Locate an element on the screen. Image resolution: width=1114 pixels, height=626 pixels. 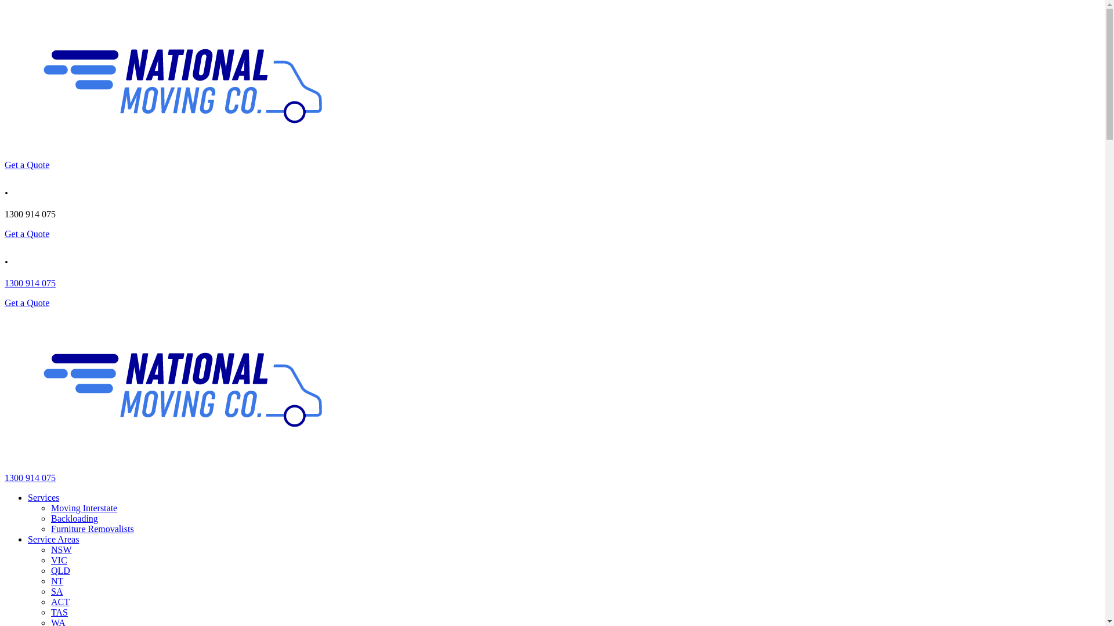
'Services' is located at coordinates (28, 497).